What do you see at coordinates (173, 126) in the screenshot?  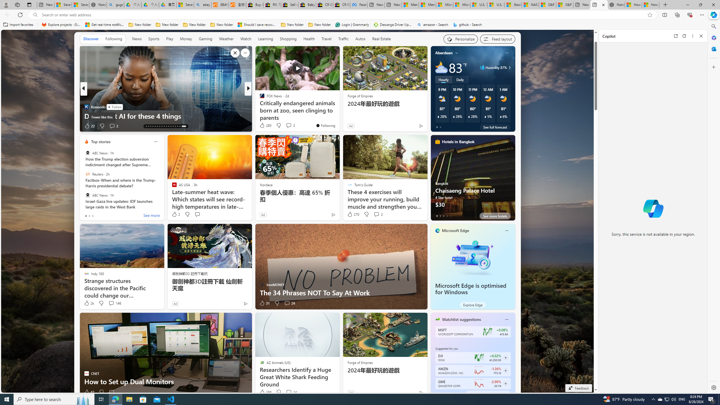 I see `'AutomationID: tab-25'` at bounding box center [173, 126].